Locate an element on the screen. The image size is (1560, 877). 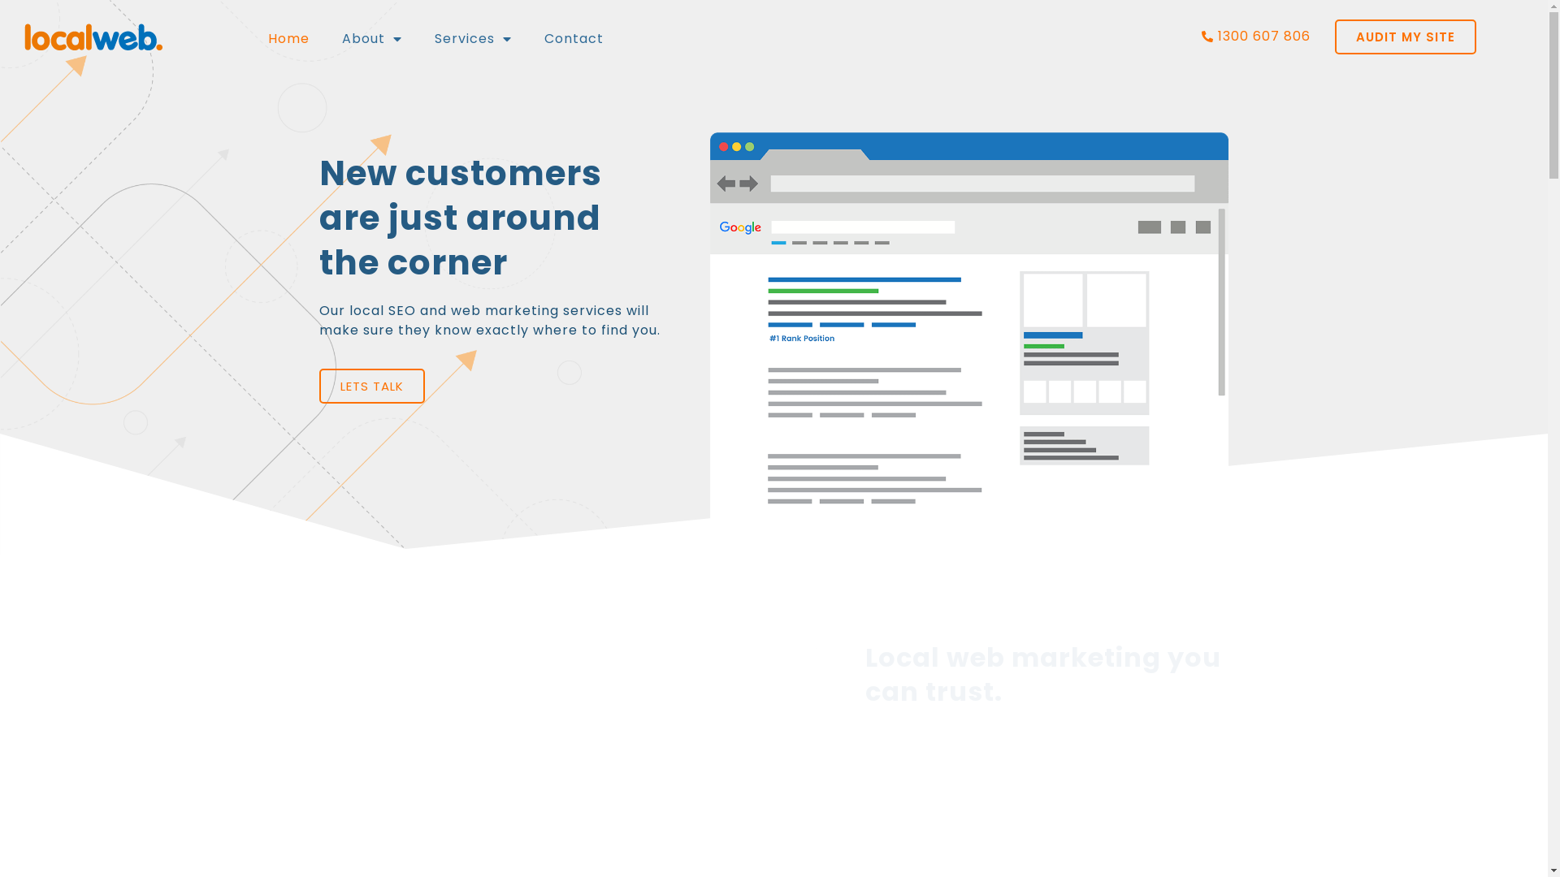
'About' is located at coordinates (370, 37).